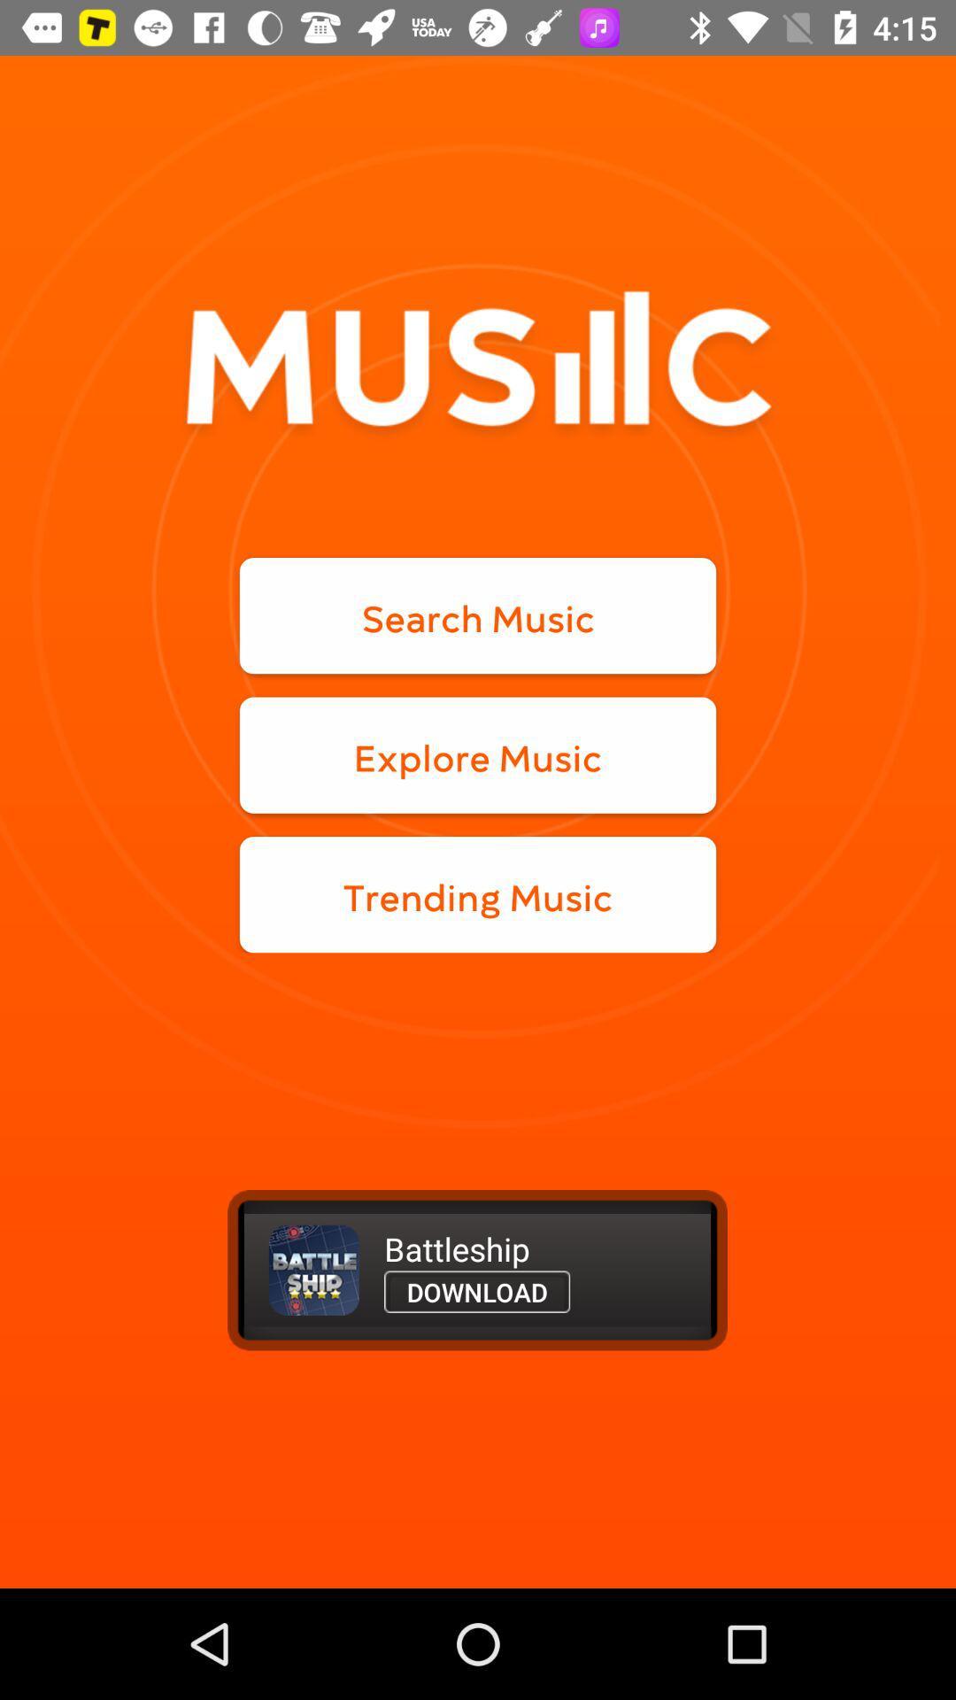  I want to click on download item, so click(476, 1292).